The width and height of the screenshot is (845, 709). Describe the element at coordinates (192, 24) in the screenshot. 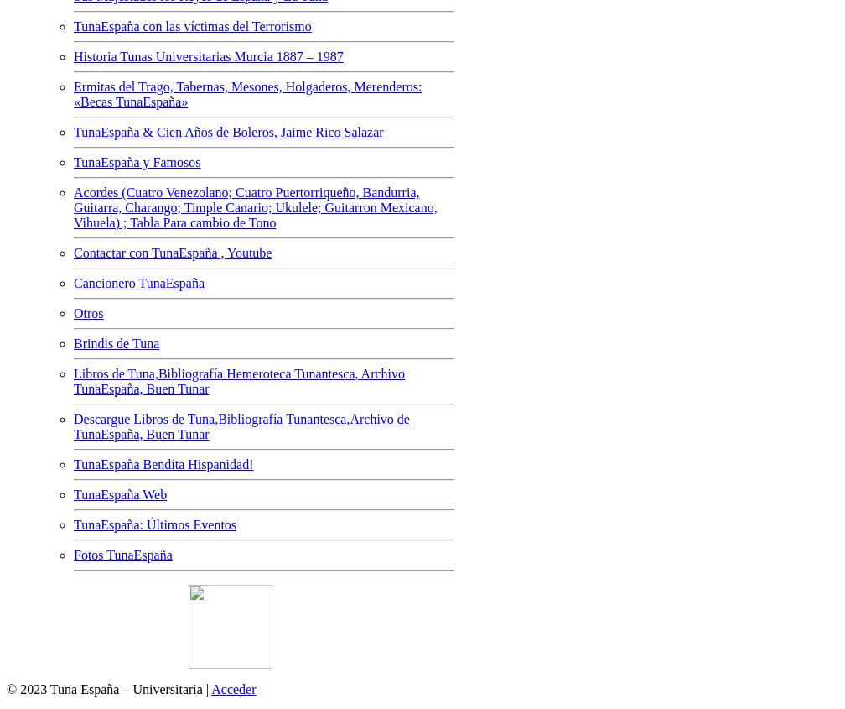

I see `'TunaEspaña con las víctimas del Terrorismo'` at that location.